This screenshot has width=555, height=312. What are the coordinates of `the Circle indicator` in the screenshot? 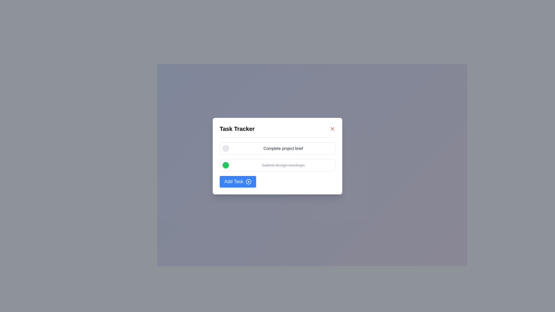 It's located at (225, 165).